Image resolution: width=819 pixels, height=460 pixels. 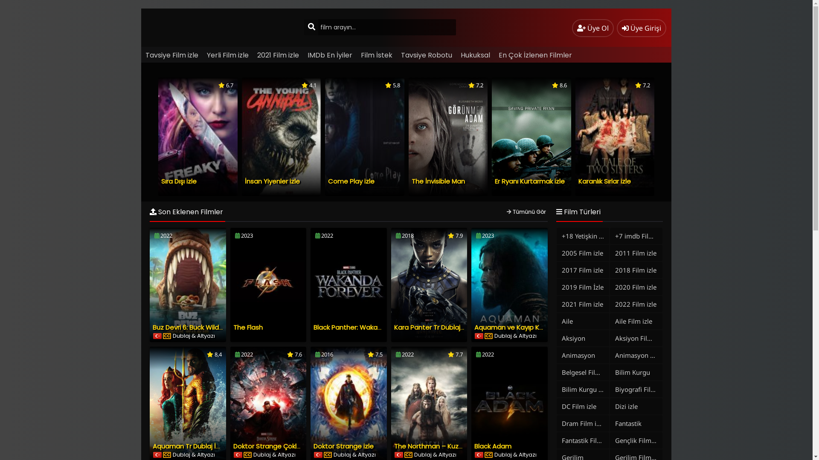 What do you see at coordinates (582, 321) in the screenshot?
I see `'Aile'` at bounding box center [582, 321].